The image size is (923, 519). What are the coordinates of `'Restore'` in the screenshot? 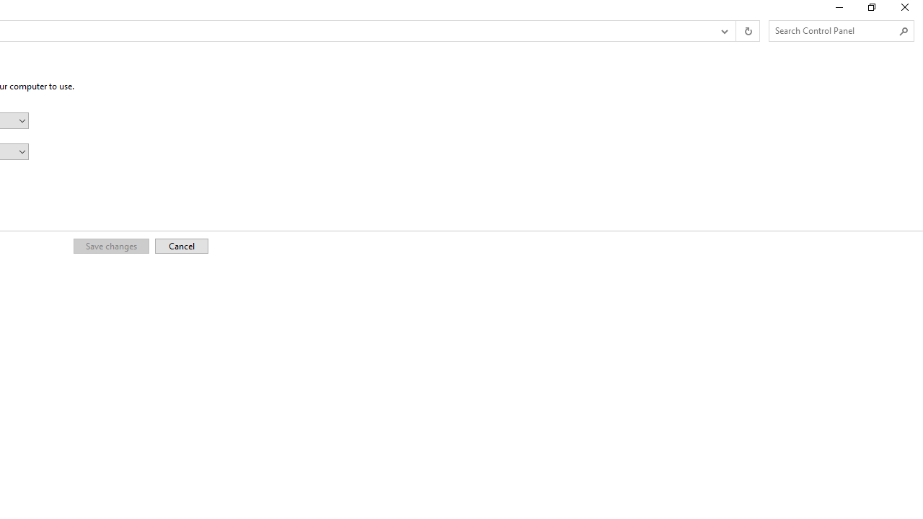 It's located at (870, 11).